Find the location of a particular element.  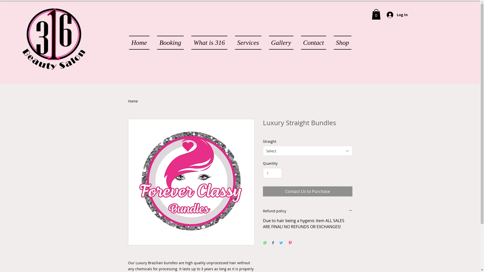

'Booking' is located at coordinates (170, 42).